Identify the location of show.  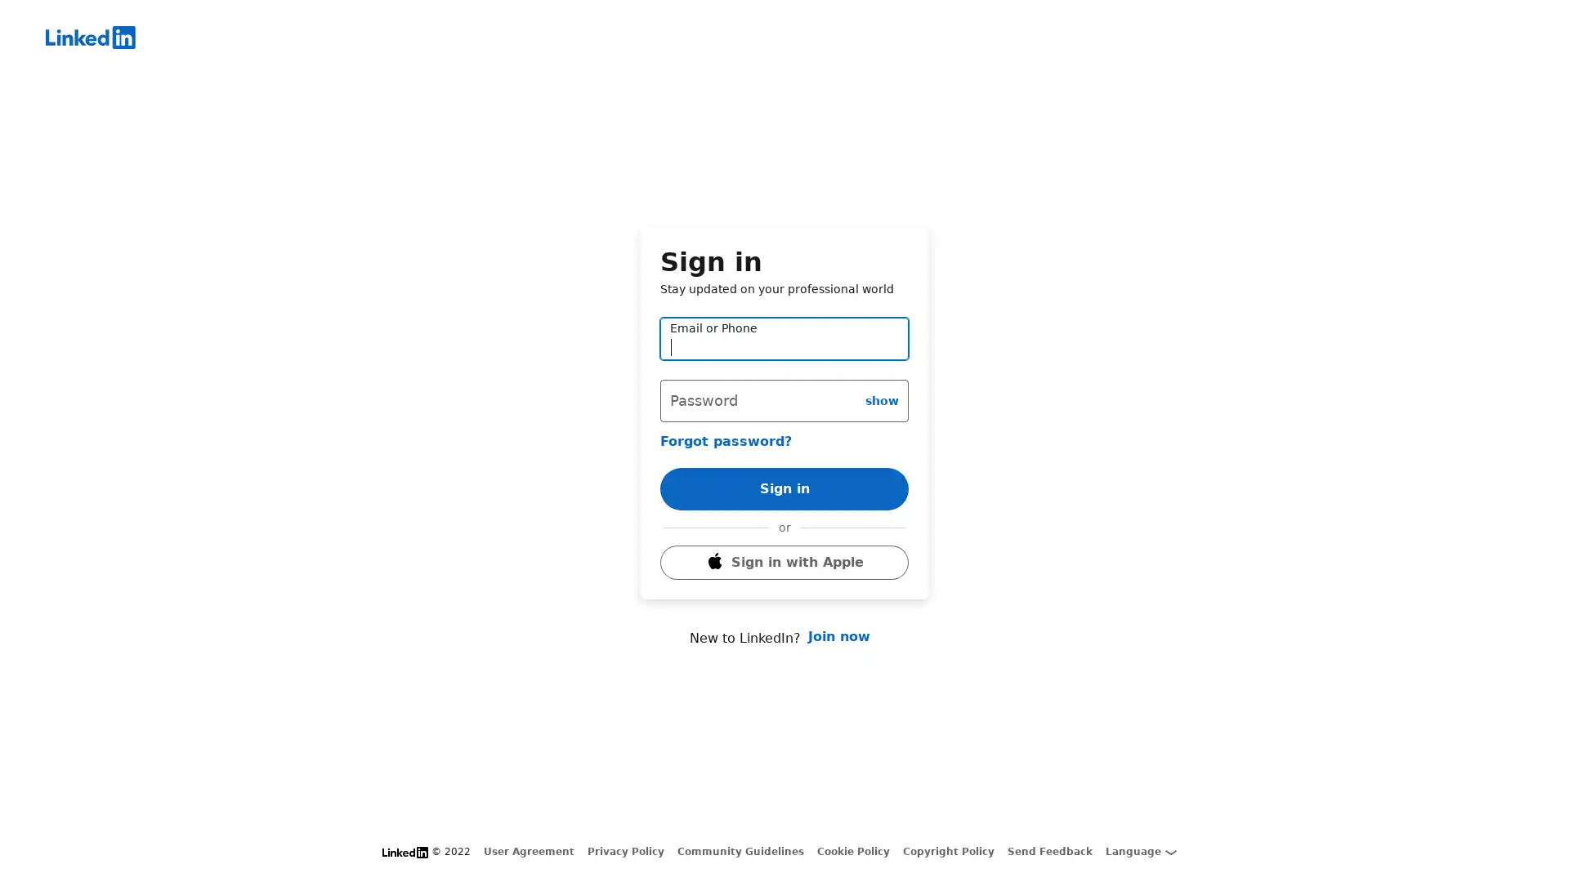
(881, 377).